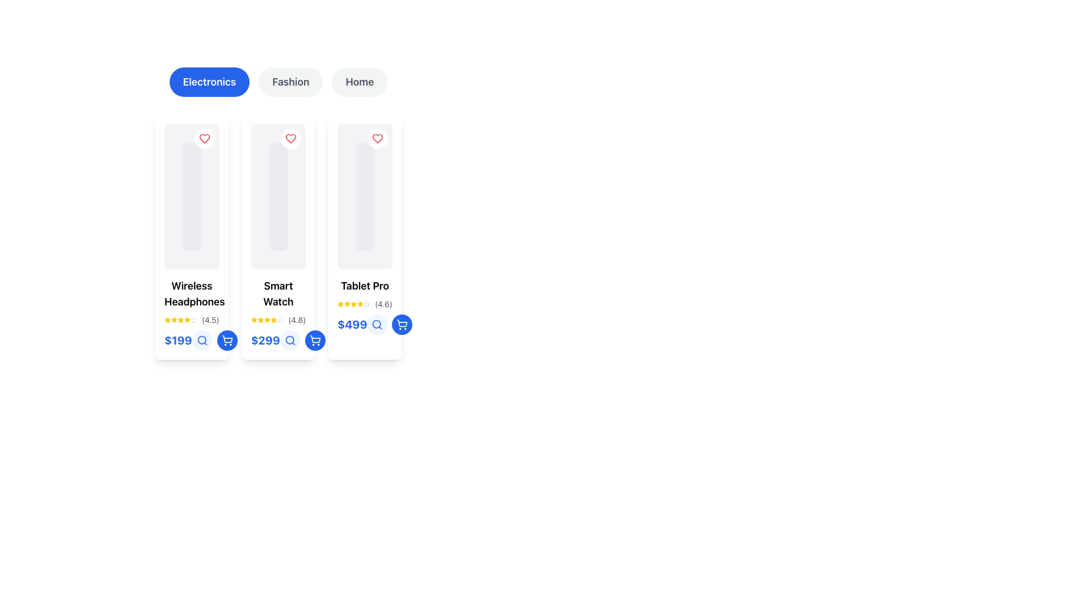 The width and height of the screenshot is (1089, 612). I want to click on the second button located at the bottom right of the 'Smart Watch' product card, so click(227, 340).